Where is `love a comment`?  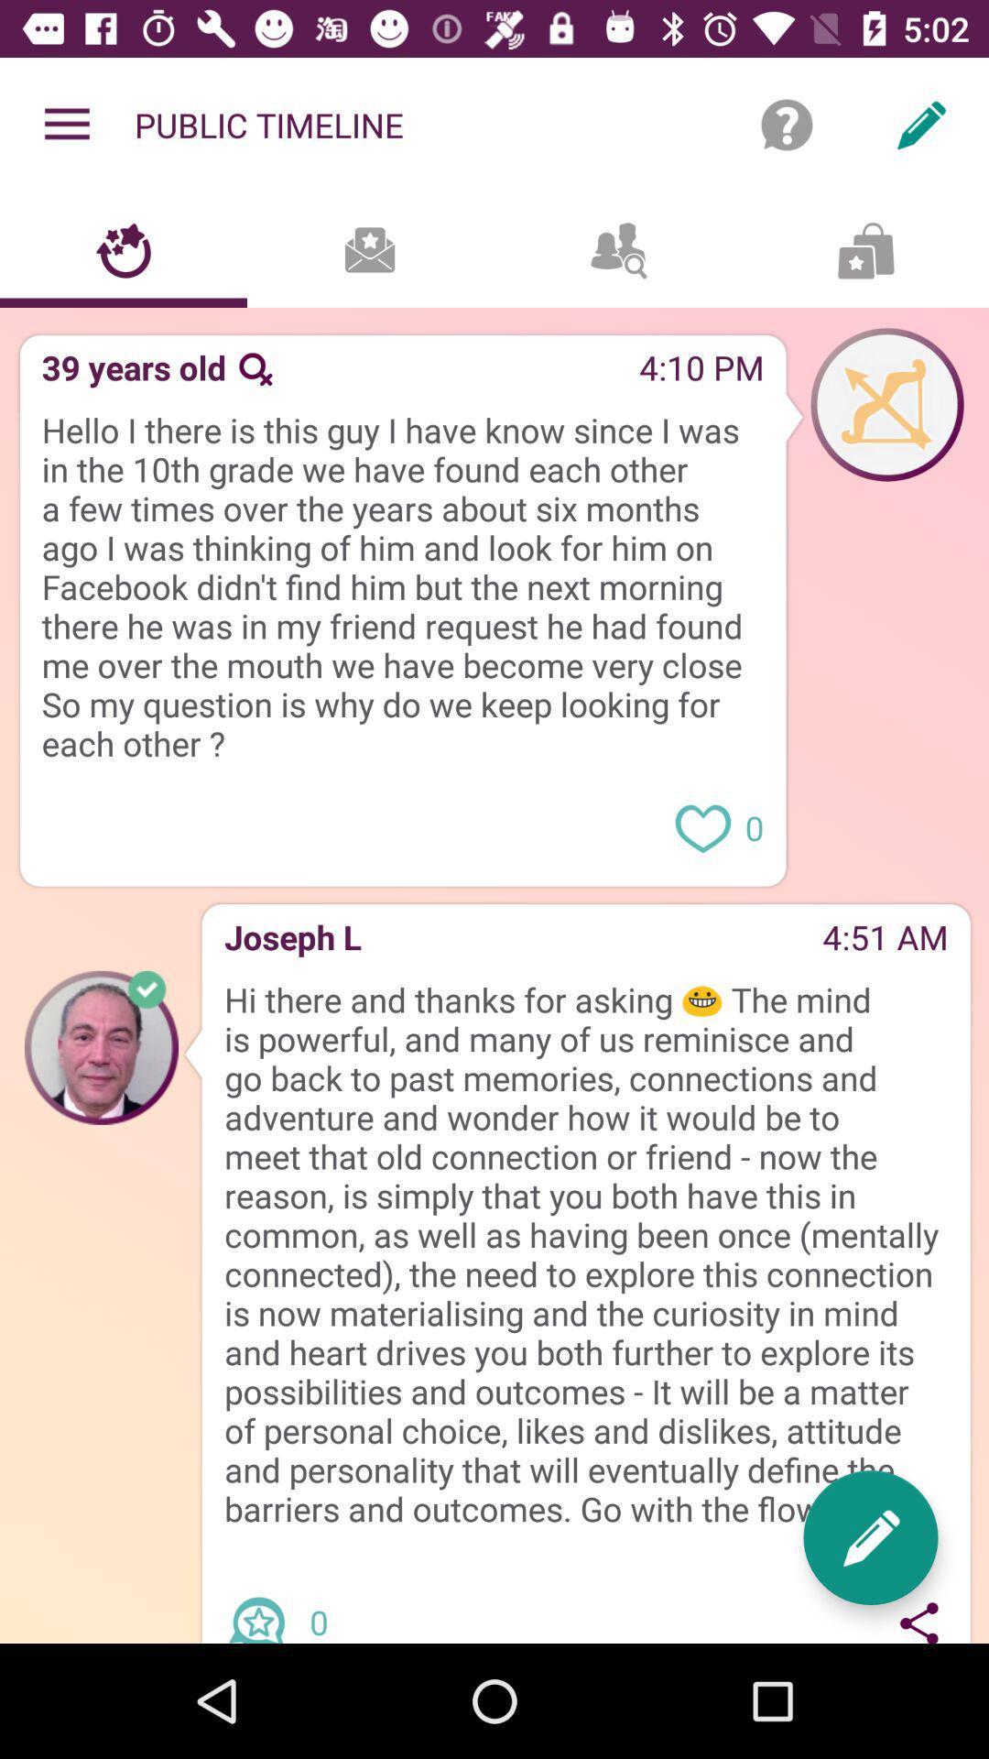
love a comment is located at coordinates (701, 825).